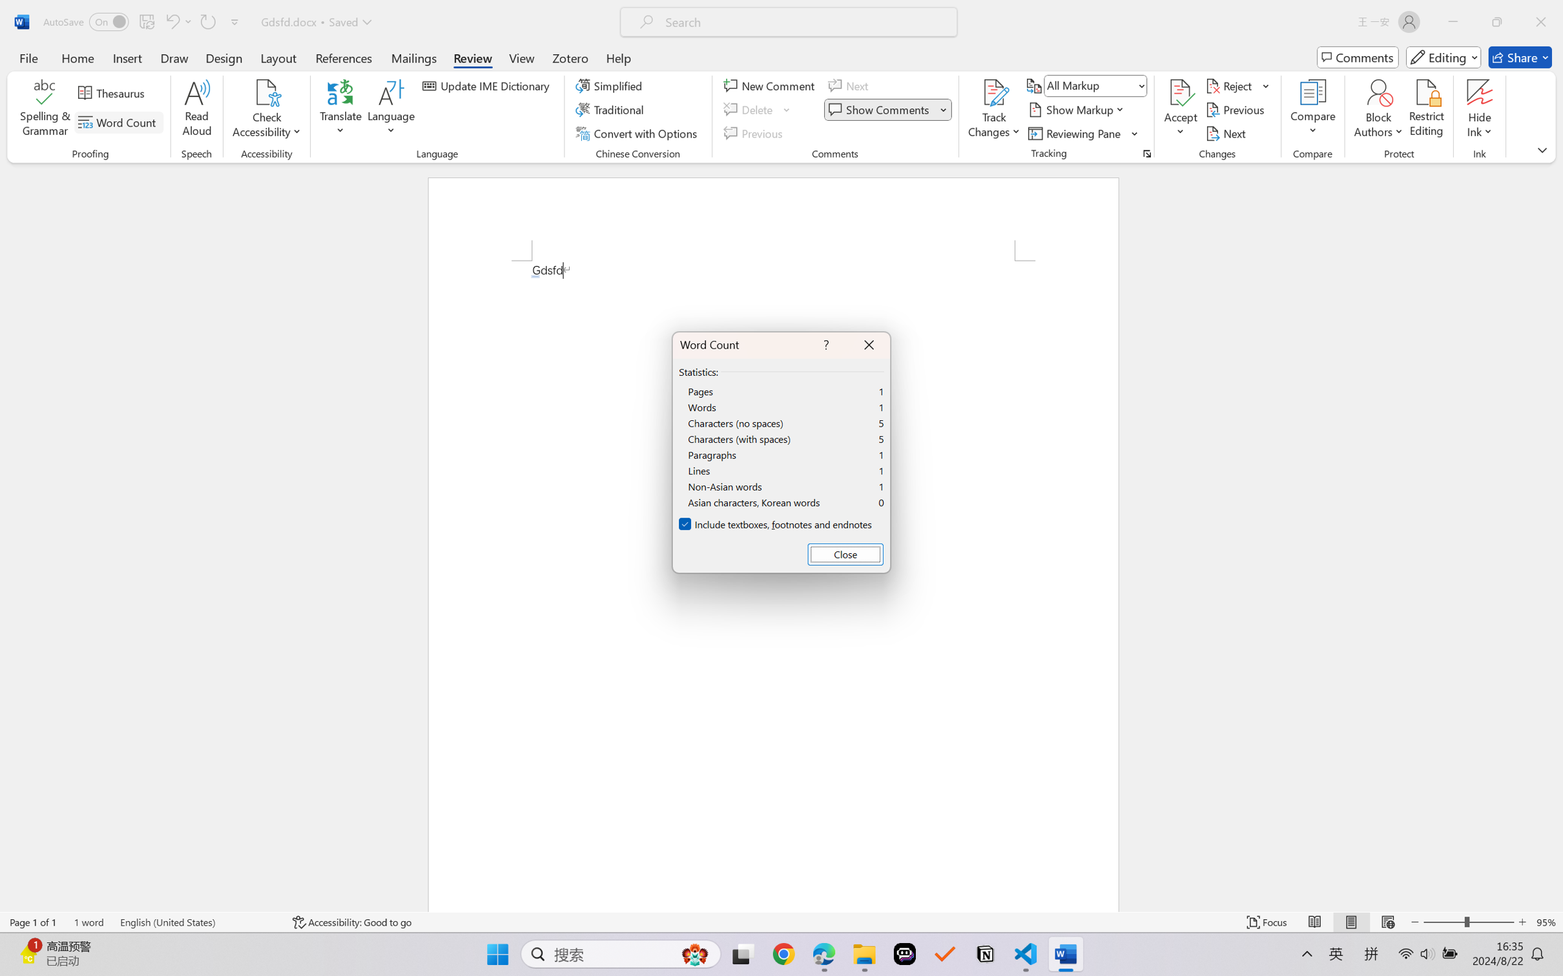 This screenshot has width=1563, height=976. Describe the element at coordinates (1095, 85) in the screenshot. I see `'Display for Review'` at that location.